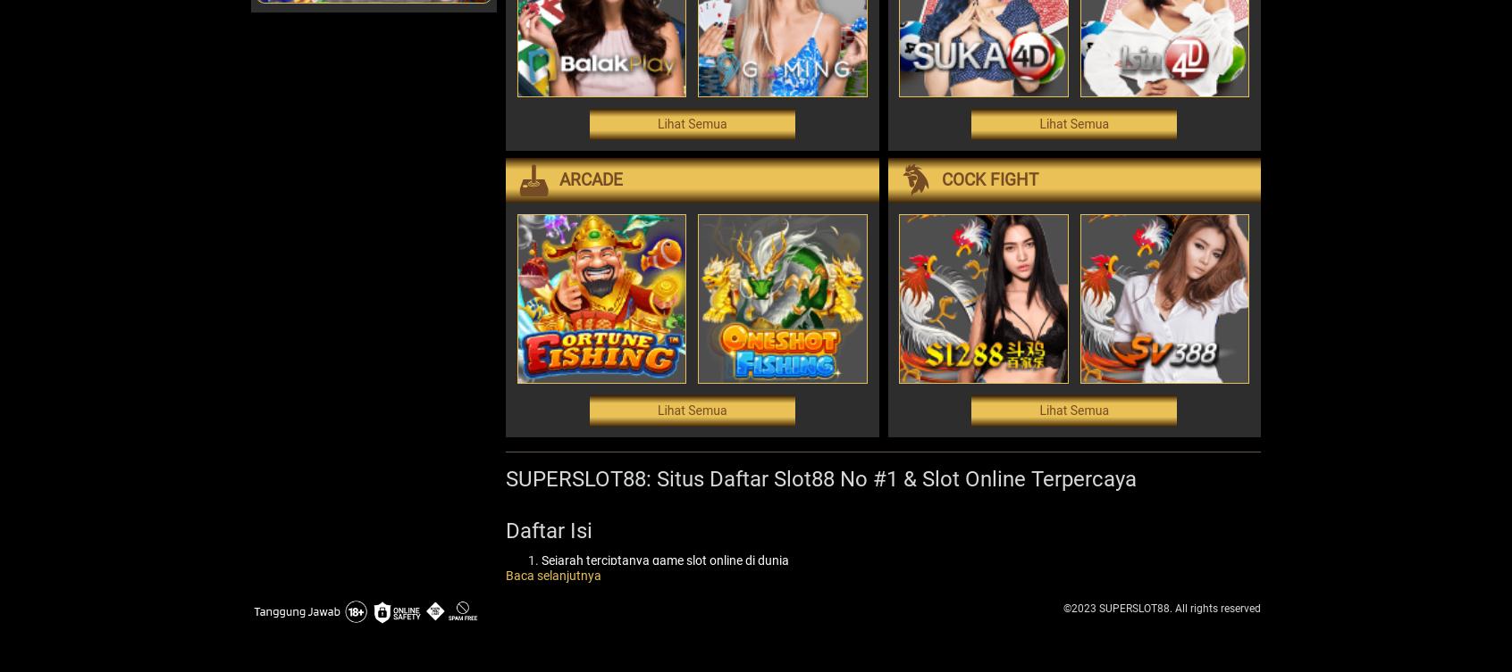 Image resolution: width=1512 pixels, height=672 pixels. Describe the element at coordinates (596, 652) in the screenshot. I see `'Slot 3D'` at that location.